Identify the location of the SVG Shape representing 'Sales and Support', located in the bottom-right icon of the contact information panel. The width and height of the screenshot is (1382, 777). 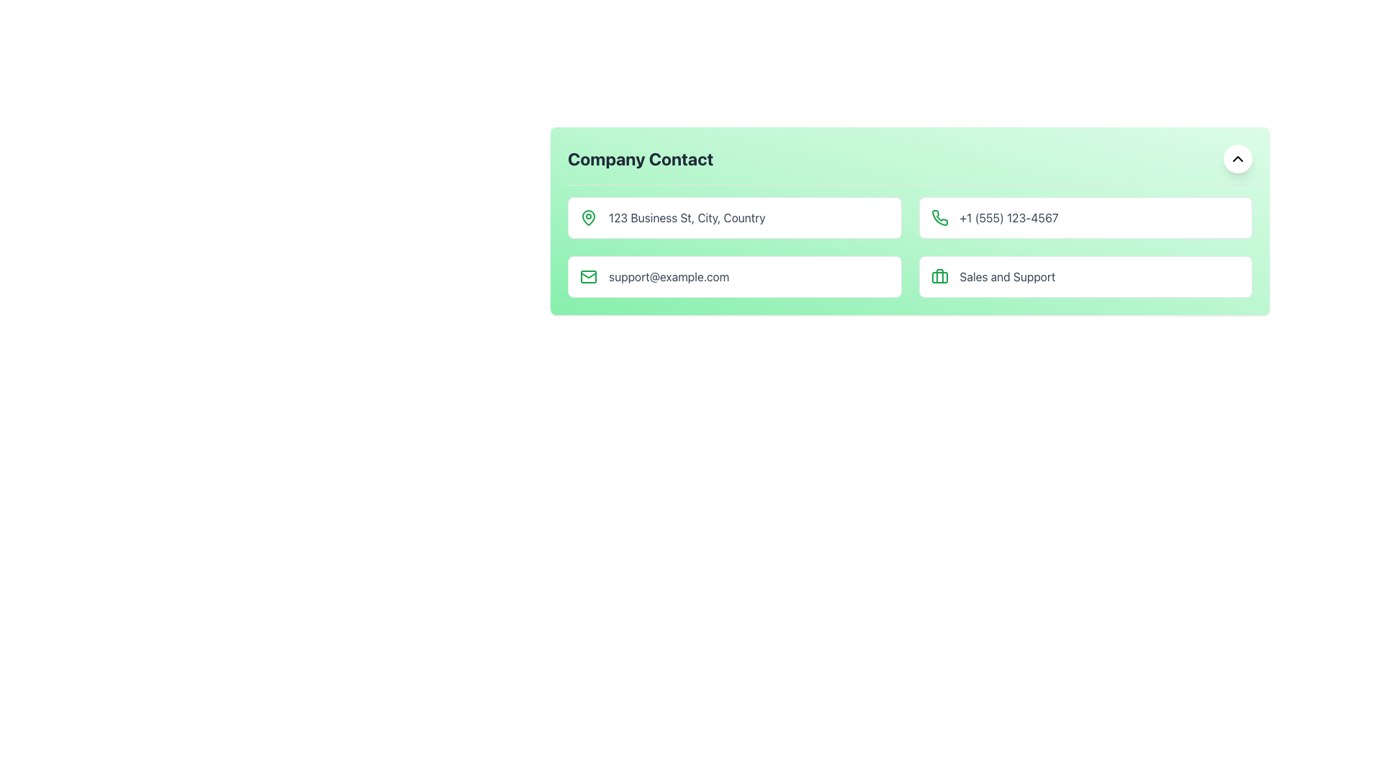
(939, 277).